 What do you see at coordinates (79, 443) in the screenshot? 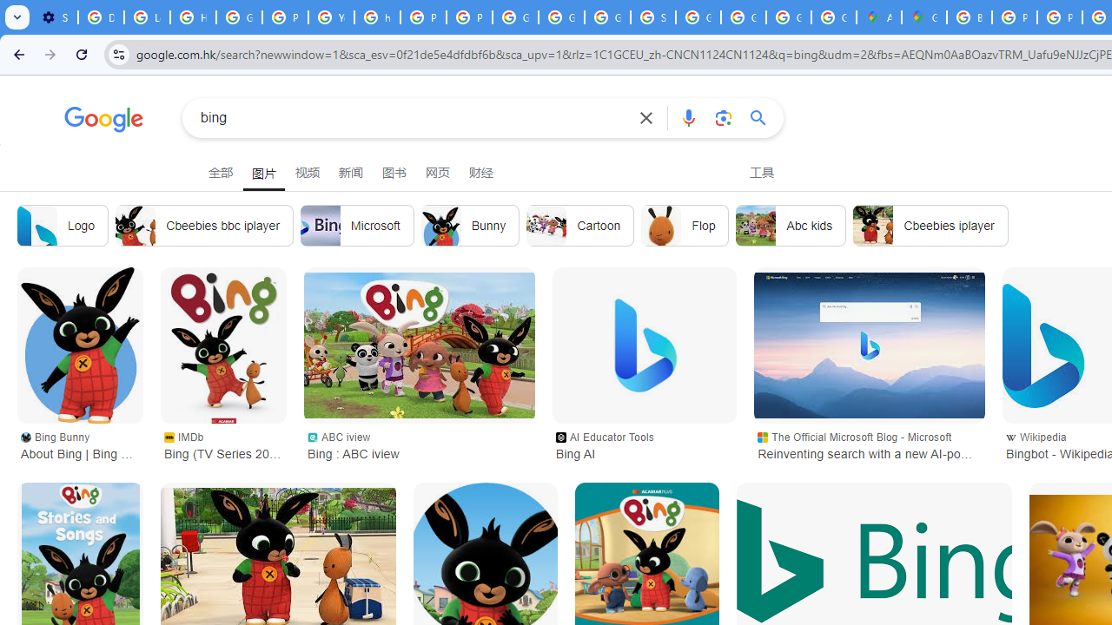
I see `'Bing Bunny About Bing | Bing Bunny'` at bounding box center [79, 443].